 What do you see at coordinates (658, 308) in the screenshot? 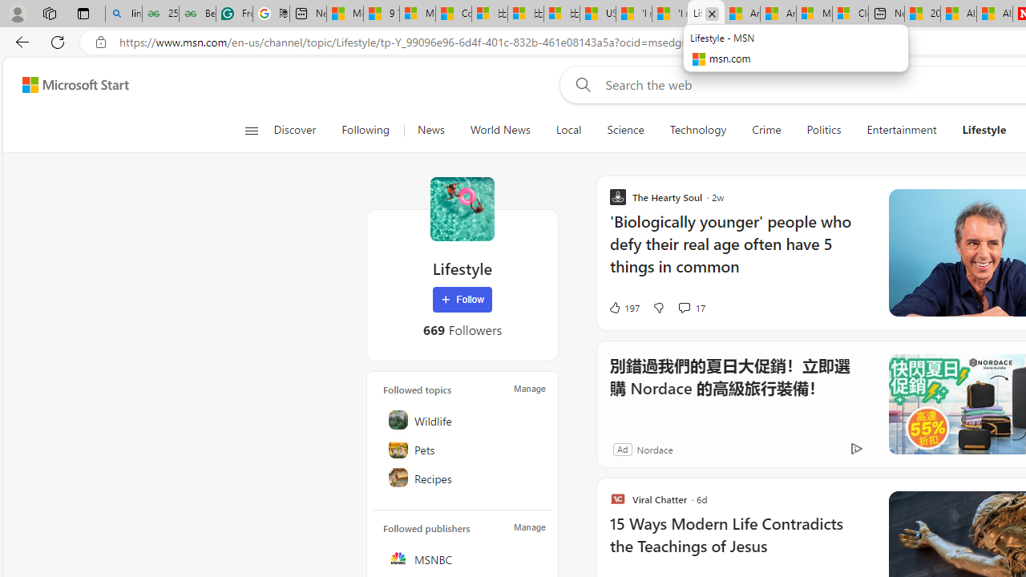
I see `'Dislike'` at bounding box center [658, 308].